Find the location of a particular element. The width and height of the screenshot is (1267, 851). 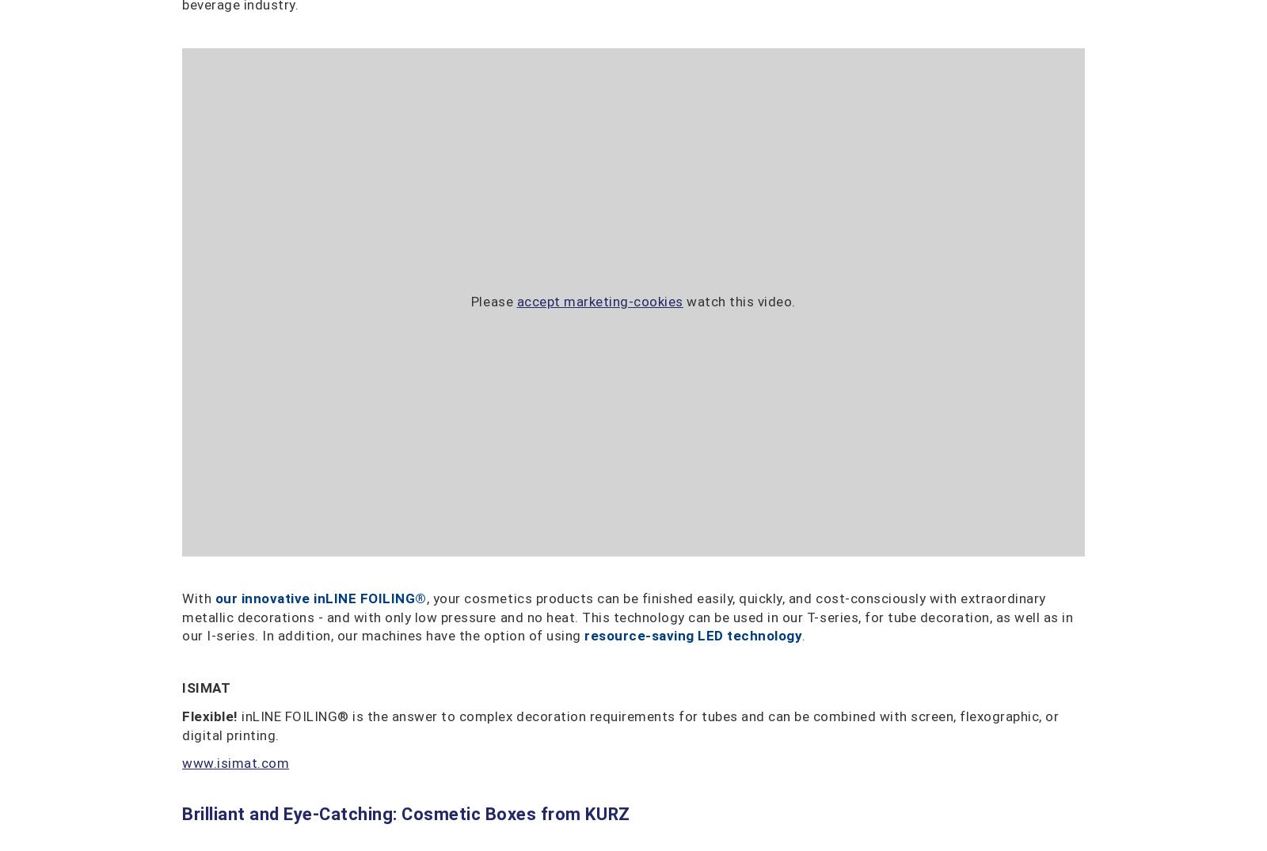

'Please' is located at coordinates (493, 301).